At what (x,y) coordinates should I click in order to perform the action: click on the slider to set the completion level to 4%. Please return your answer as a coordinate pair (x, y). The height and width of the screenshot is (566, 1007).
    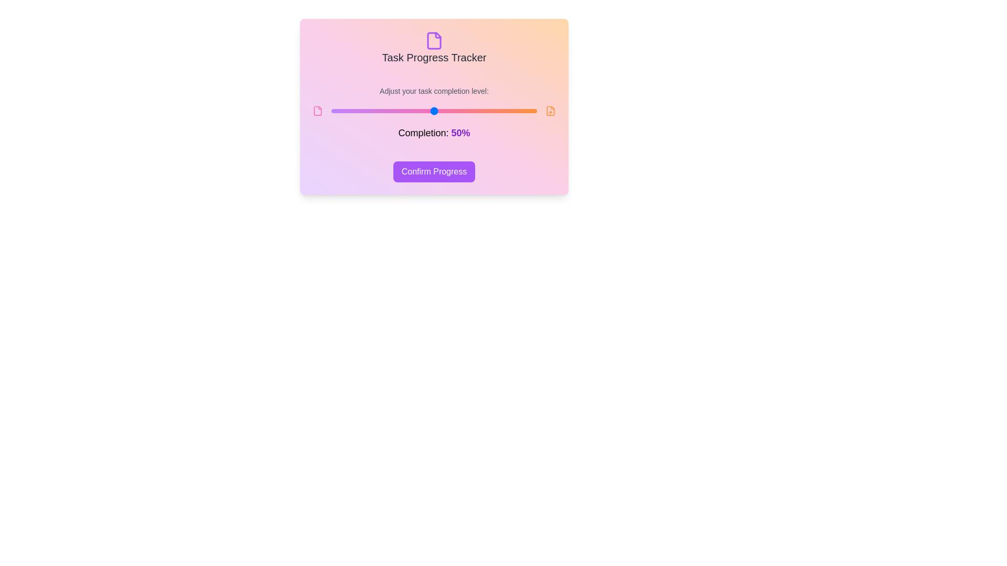
    Looking at the image, I should click on (340, 111).